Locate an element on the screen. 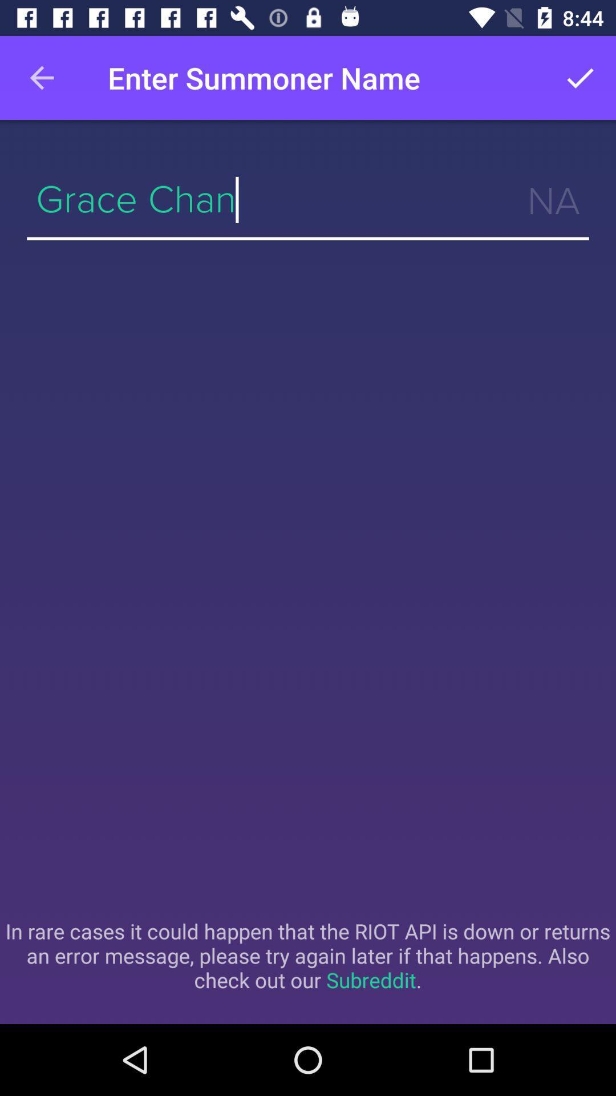 The image size is (616, 1096). grace chan item is located at coordinates (308, 200).